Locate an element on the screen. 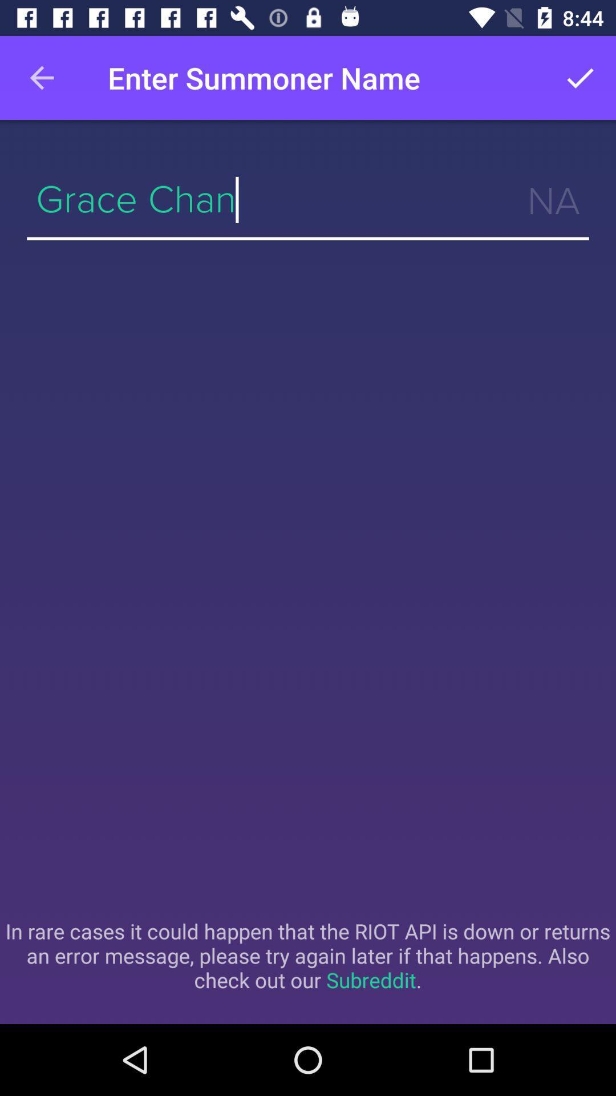 The image size is (616, 1096). grace chan item is located at coordinates (308, 200).